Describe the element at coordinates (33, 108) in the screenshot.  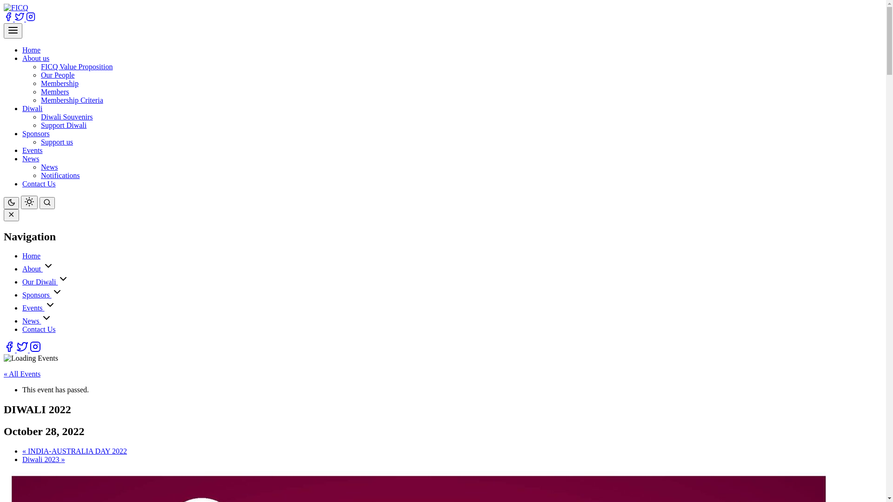
I see `'Diwali'` at that location.